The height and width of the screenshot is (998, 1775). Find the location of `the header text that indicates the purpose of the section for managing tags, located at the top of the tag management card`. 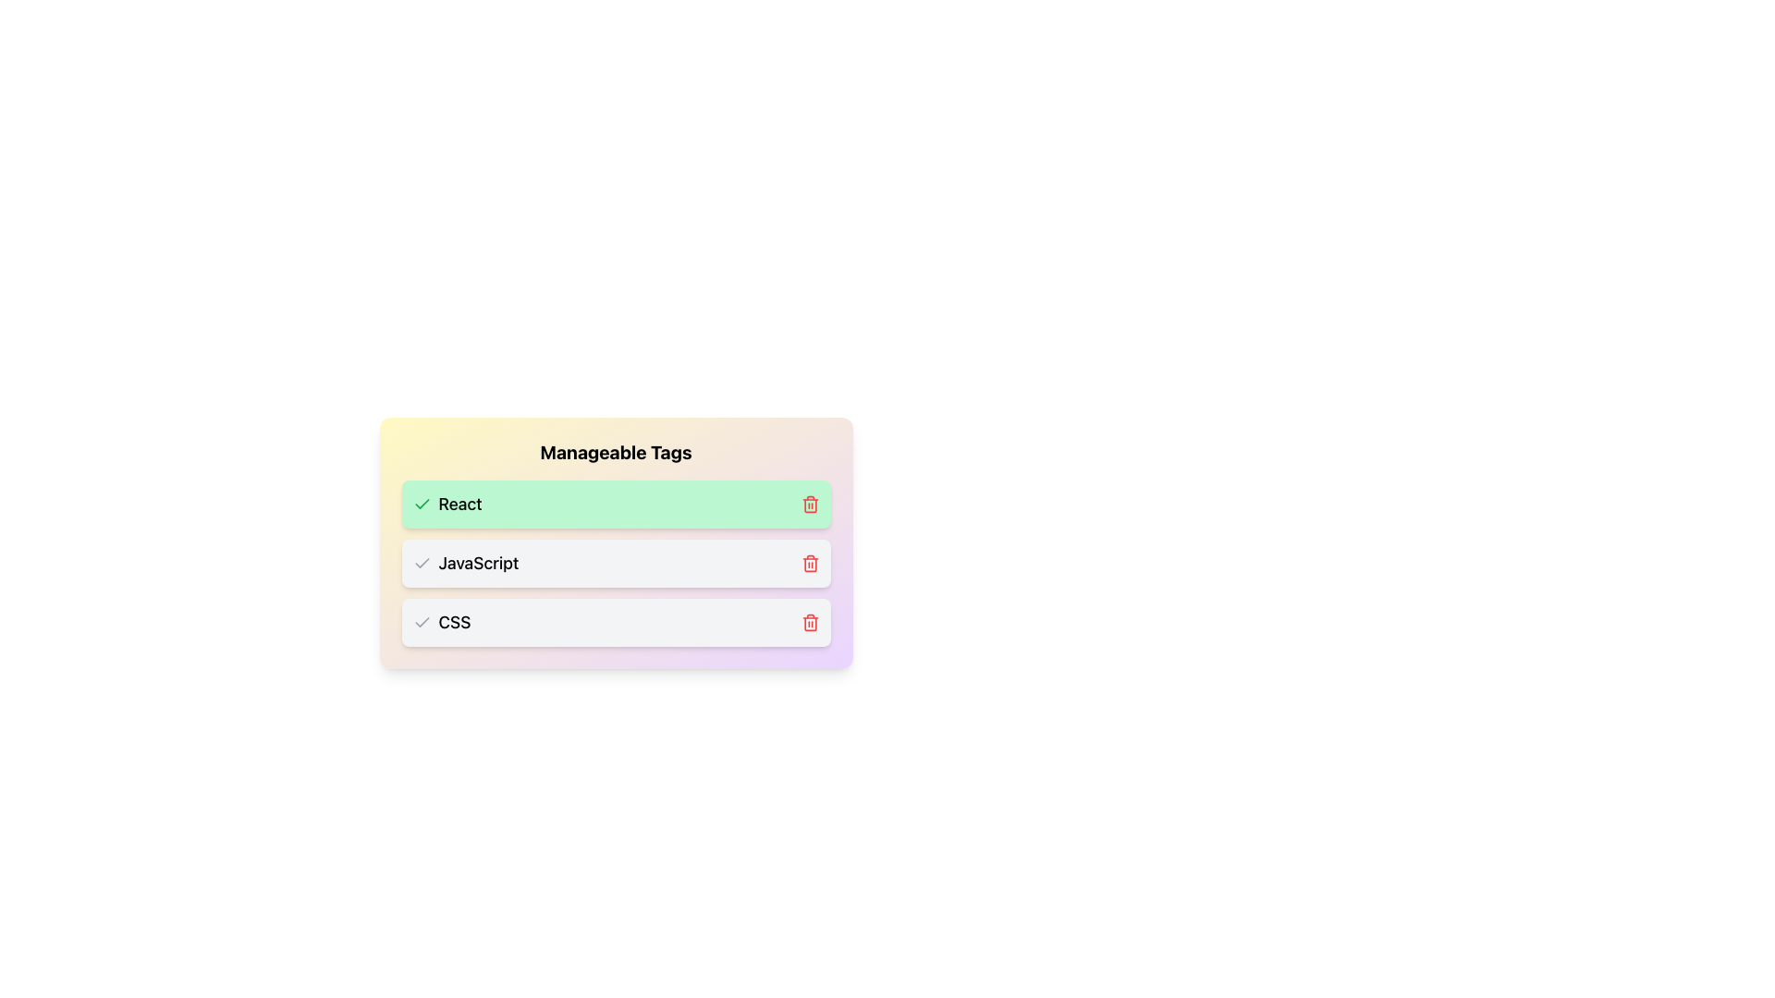

the header text that indicates the purpose of the section for managing tags, located at the top of the tag management card is located at coordinates (616, 452).